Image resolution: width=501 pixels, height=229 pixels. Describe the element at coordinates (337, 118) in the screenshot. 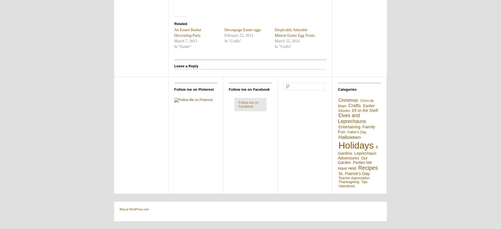

I see `'Elves and Leprechauns'` at that location.